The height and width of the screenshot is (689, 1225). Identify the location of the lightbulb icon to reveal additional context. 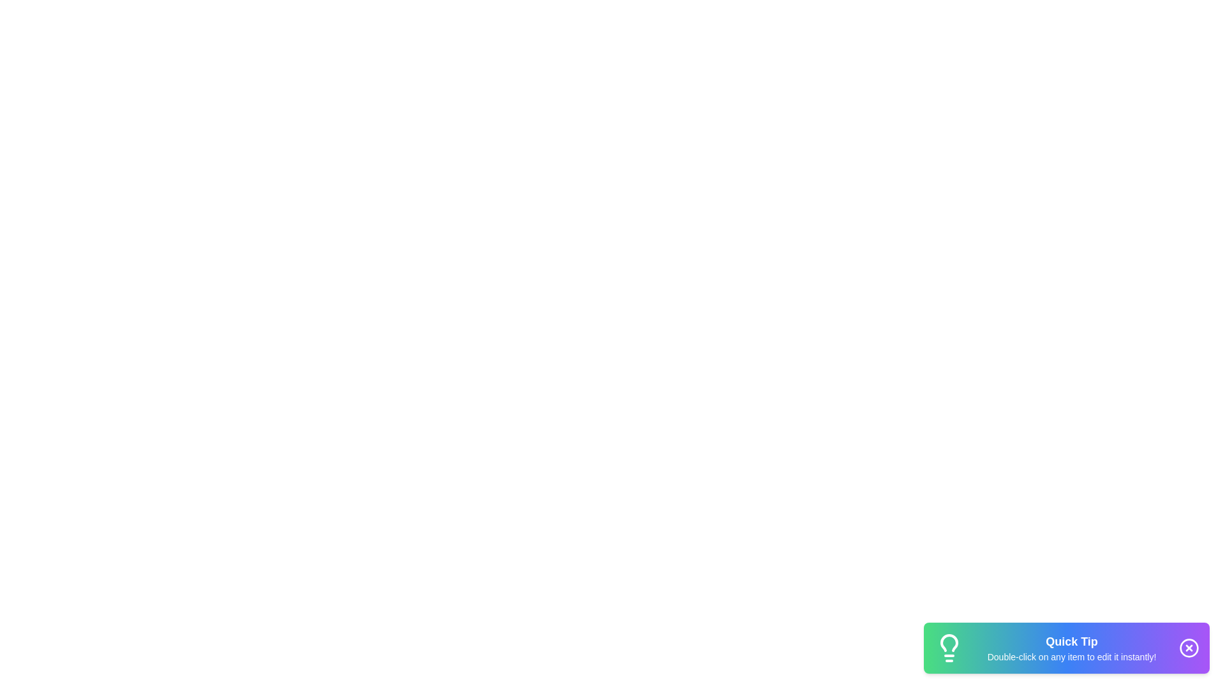
(949, 648).